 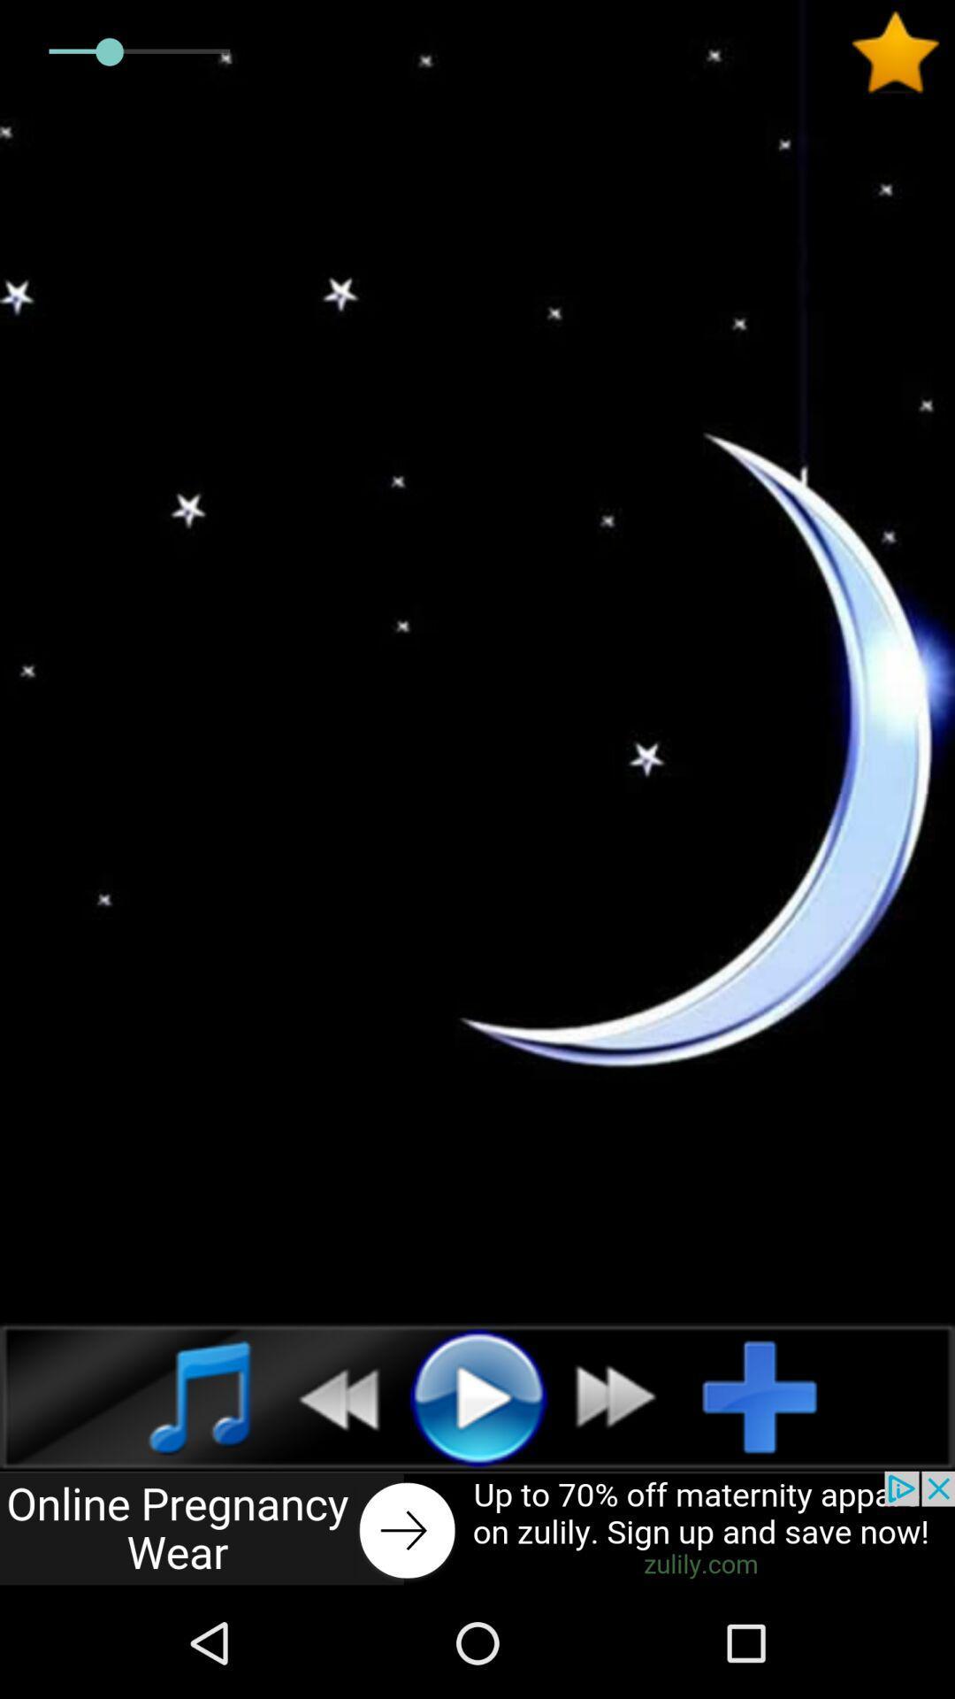 What do you see at coordinates (180, 1395) in the screenshot?
I see `the music icon` at bounding box center [180, 1395].